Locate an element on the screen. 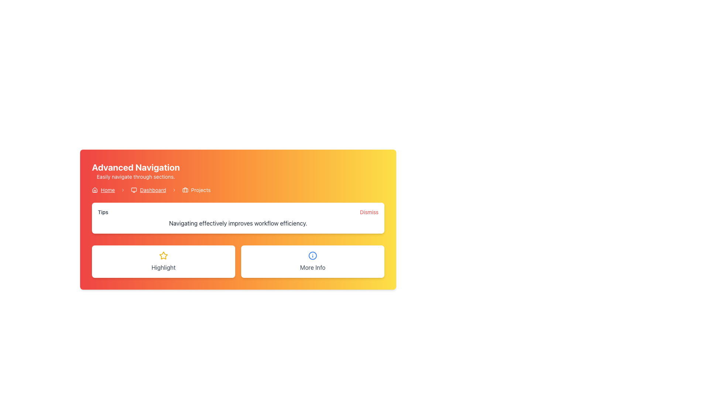 Image resolution: width=709 pixels, height=398 pixels. the simplistic house vector icon, which is white on a red background and located as the first item in the breadcrumb navigation bar, to the left of the 'Home' text link is located at coordinates (95, 190).